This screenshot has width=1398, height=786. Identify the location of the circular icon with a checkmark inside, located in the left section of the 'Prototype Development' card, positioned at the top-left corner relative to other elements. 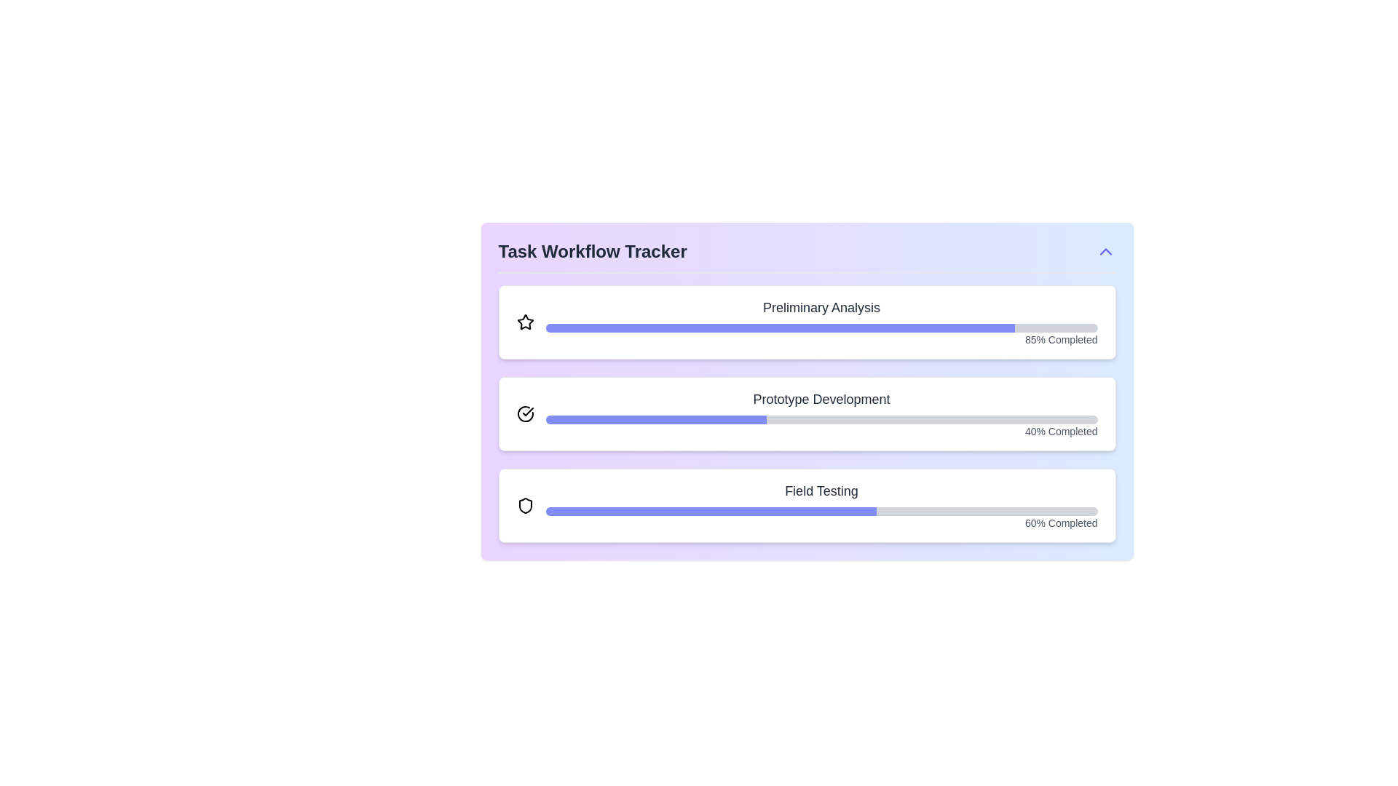
(524, 414).